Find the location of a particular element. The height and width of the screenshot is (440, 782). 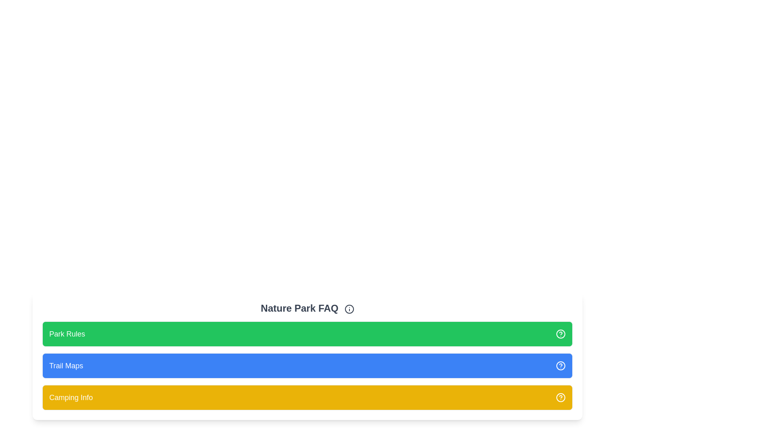

the 'Trail Maps' text label, which is displayed in bold font against a blue background is located at coordinates (66, 365).